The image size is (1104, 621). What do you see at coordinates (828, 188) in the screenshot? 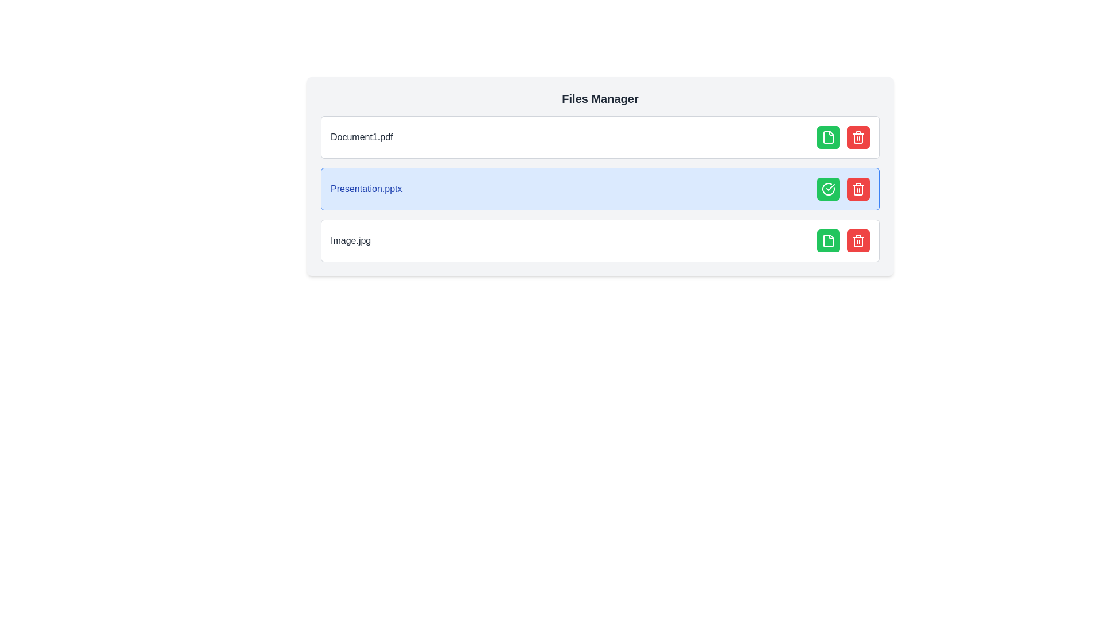
I see `the success confirmation SVG icon located on the rounded green button next to the file 'Presentation.pptx' in the file manager interface` at bounding box center [828, 188].